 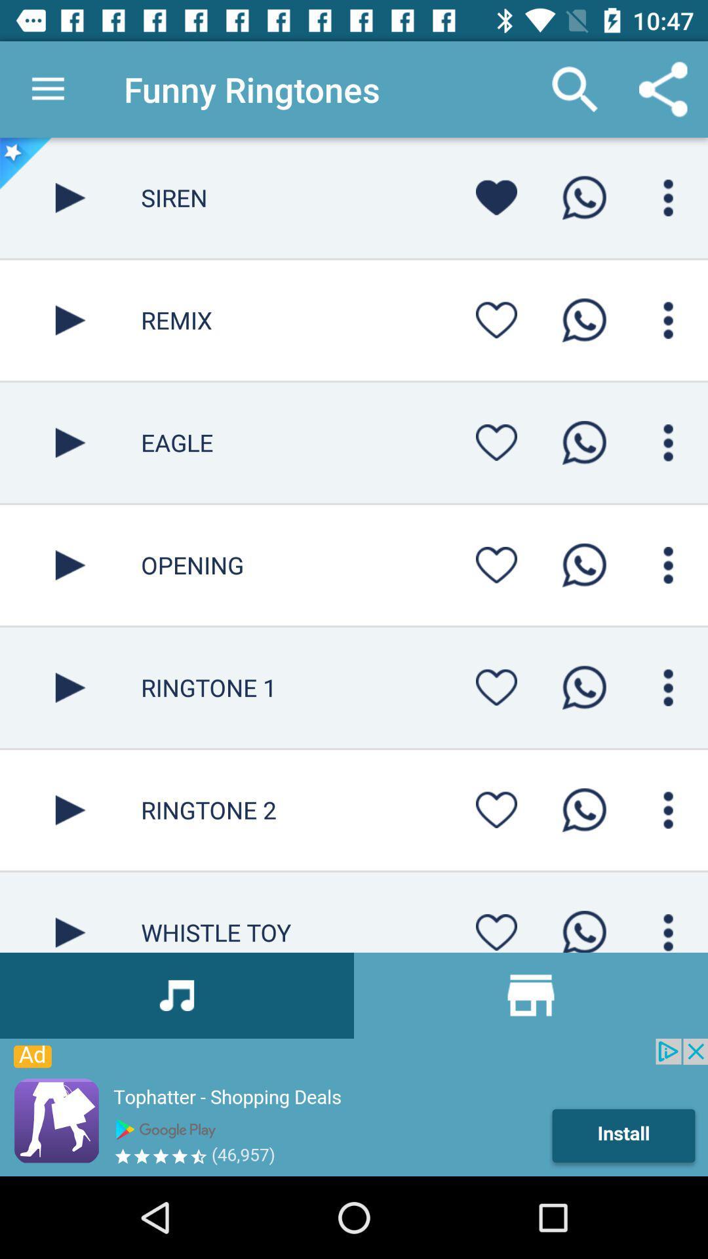 What do you see at coordinates (496, 809) in the screenshot?
I see `mark it as a favorite ringtone` at bounding box center [496, 809].